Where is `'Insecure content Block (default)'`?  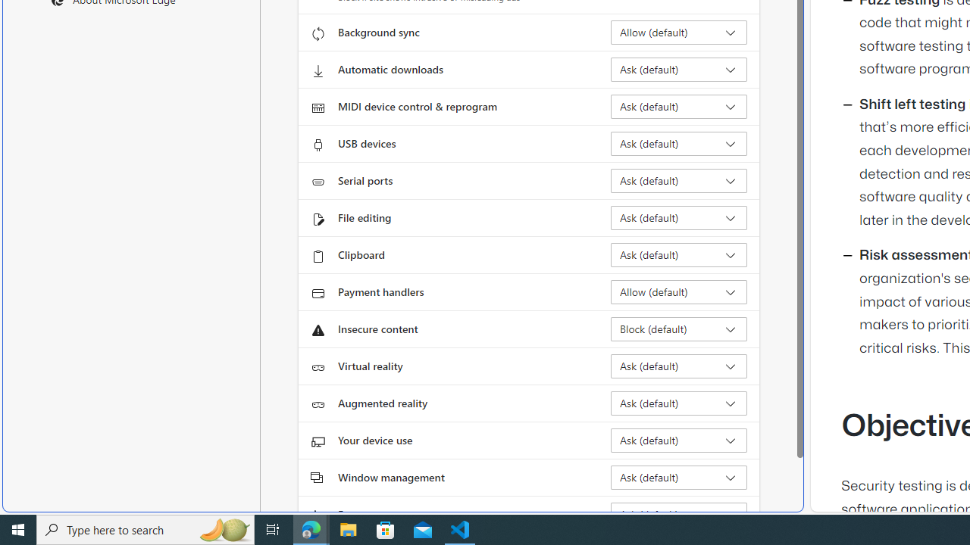 'Insecure content Block (default)' is located at coordinates (678, 328).